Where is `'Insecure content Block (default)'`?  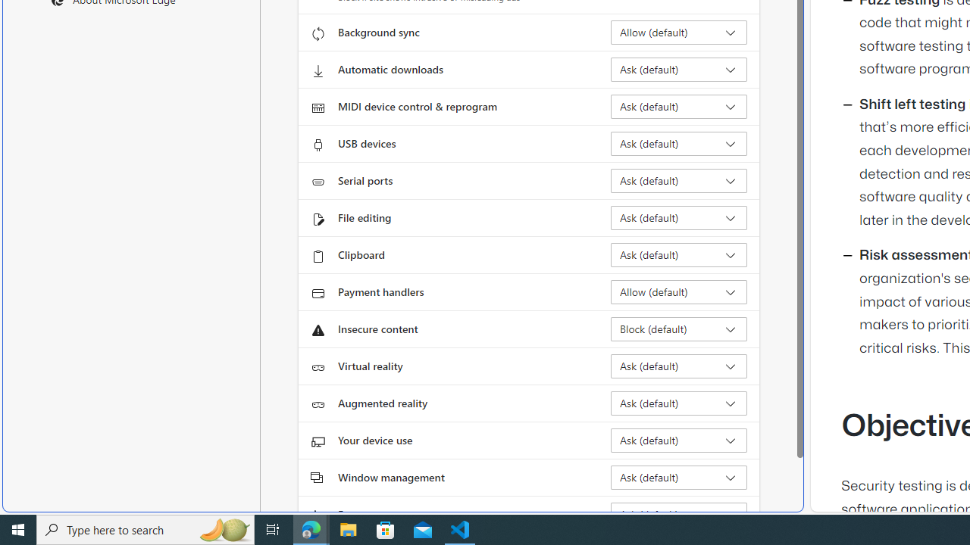 'Insecure content Block (default)' is located at coordinates (678, 328).